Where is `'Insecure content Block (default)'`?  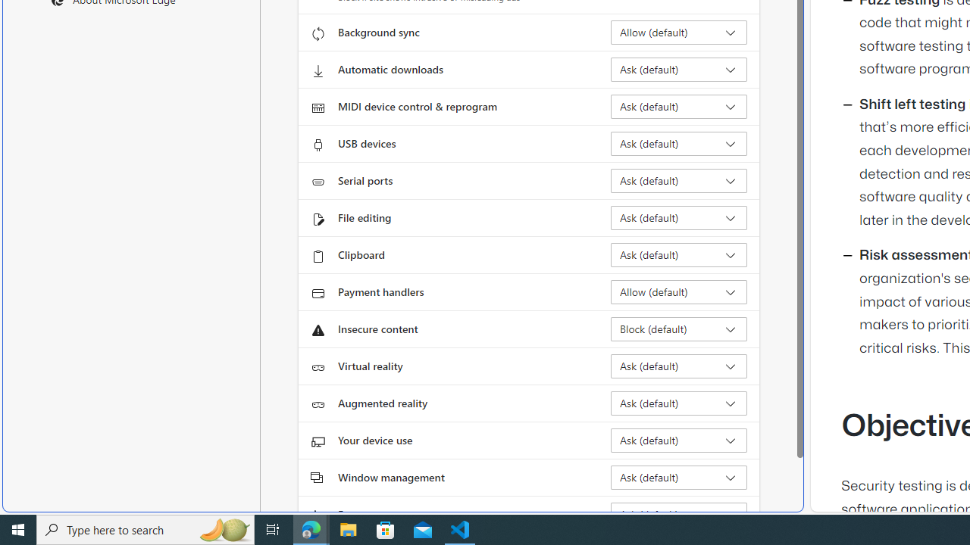 'Insecure content Block (default)' is located at coordinates (678, 328).